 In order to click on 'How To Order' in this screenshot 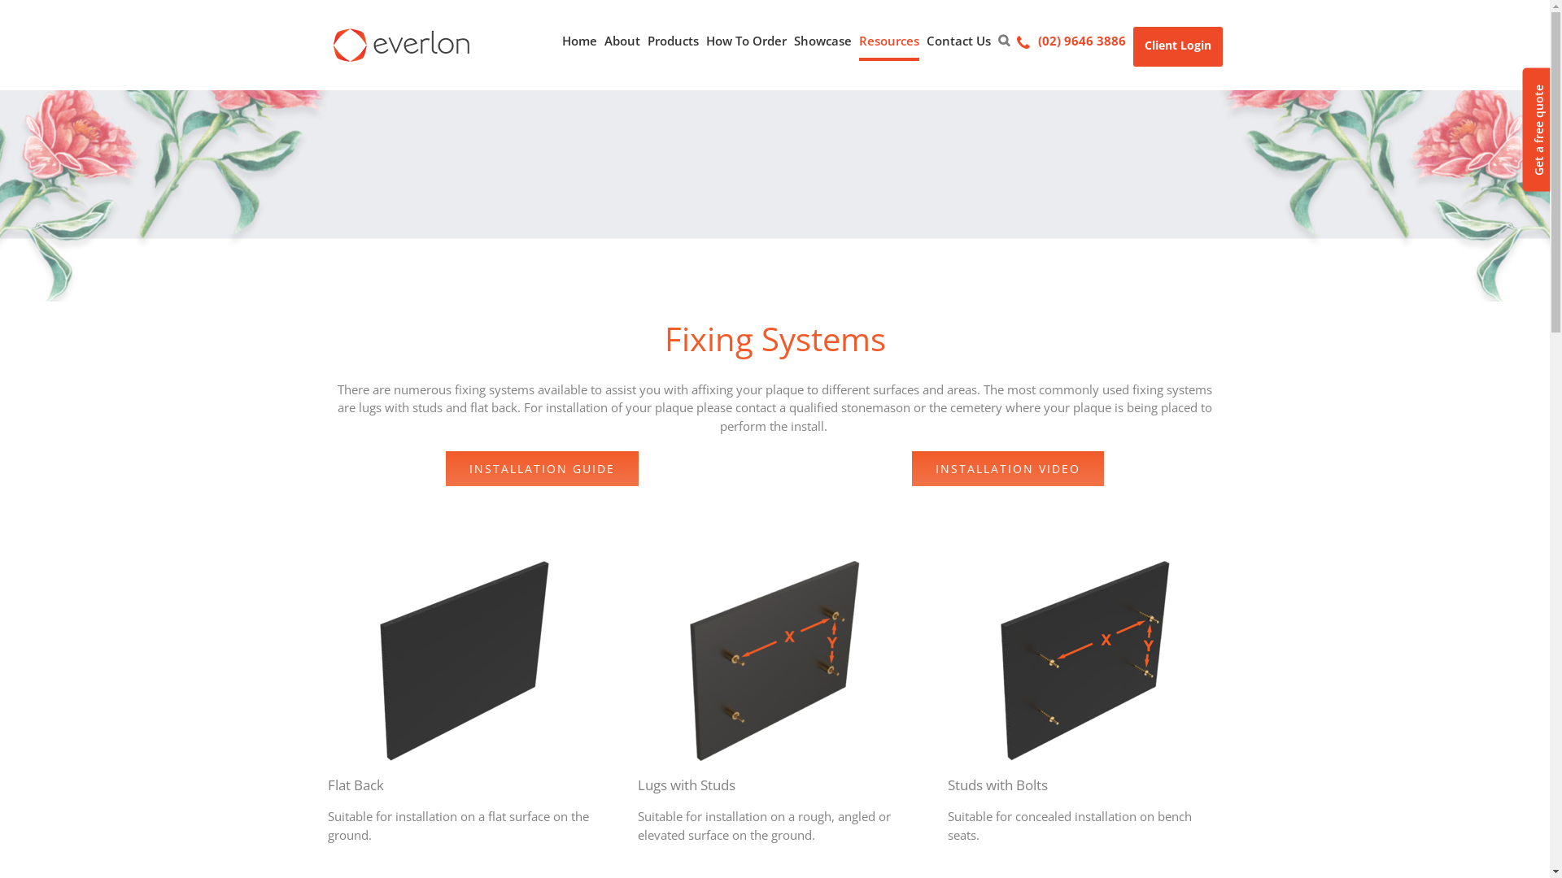, I will do `click(745, 41)`.